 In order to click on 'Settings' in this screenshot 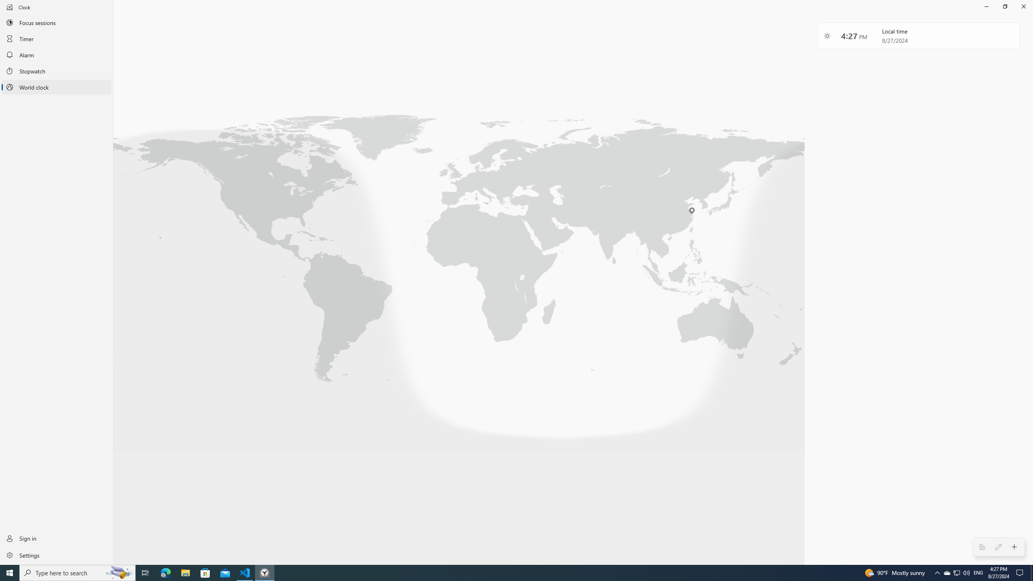, I will do `click(56, 554)`.